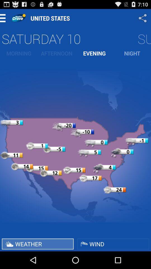 The image size is (151, 269). What do you see at coordinates (38, 244) in the screenshot?
I see `button to the left of wind` at bounding box center [38, 244].